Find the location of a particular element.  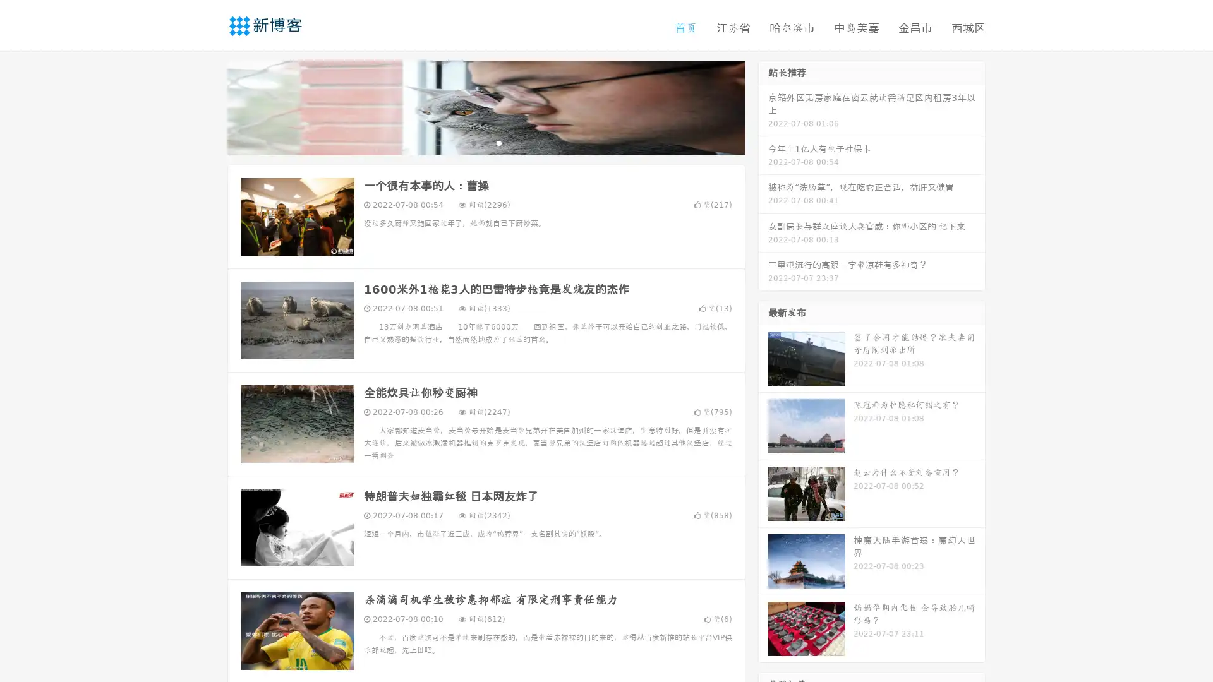

Previous slide is located at coordinates (208, 106).